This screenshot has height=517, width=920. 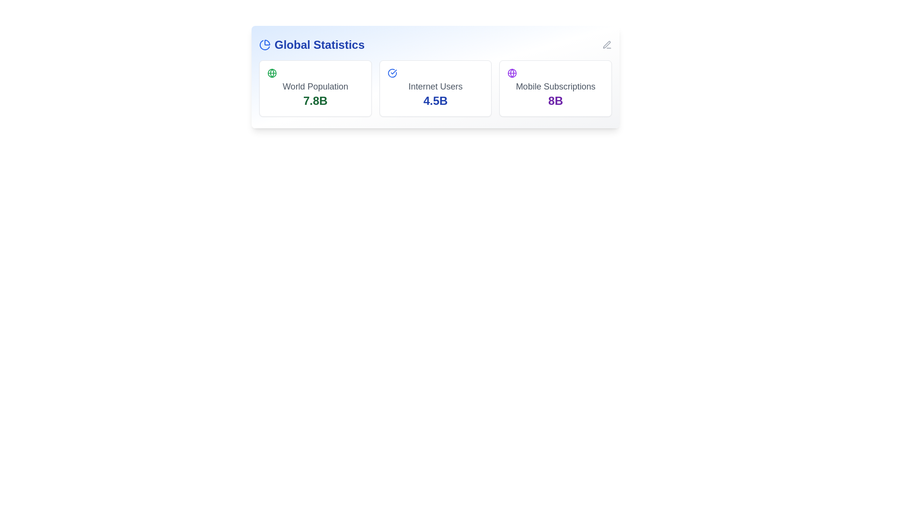 I want to click on the pen icon located in the top-right corner of the card-like section, so click(x=606, y=45).